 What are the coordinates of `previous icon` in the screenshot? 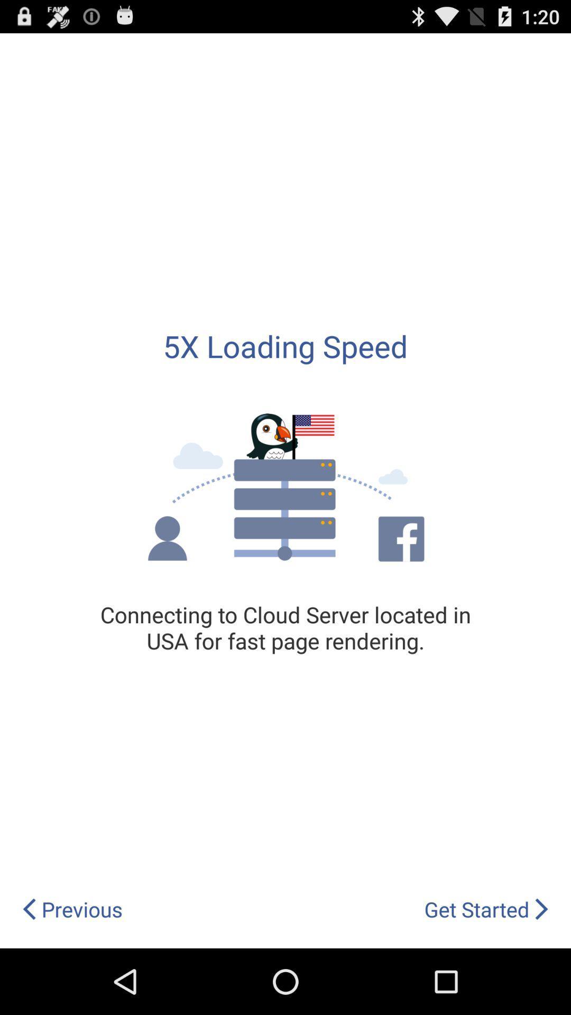 It's located at (71, 909).